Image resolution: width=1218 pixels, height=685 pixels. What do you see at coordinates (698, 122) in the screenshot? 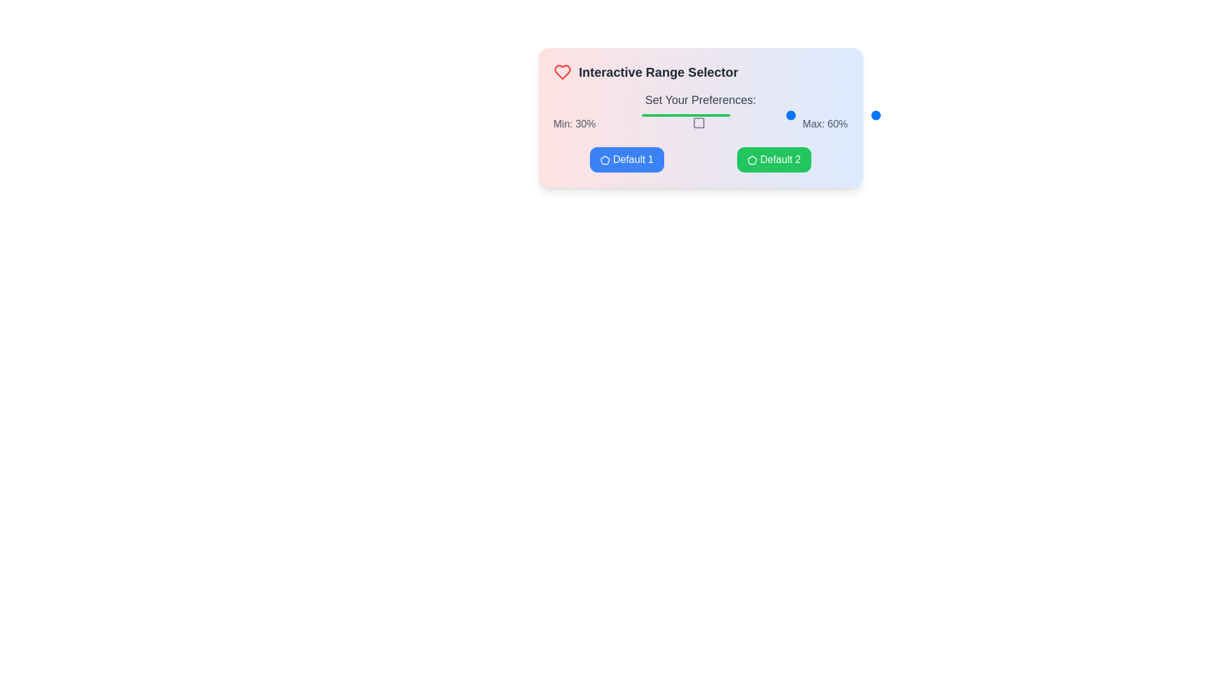
I see `the inactive icon located centrally beneath the slider bar within the range selection panel, positioned between the 'Min: 30%' and 'Max: 60%' labels` at bounding box center [698, 122].